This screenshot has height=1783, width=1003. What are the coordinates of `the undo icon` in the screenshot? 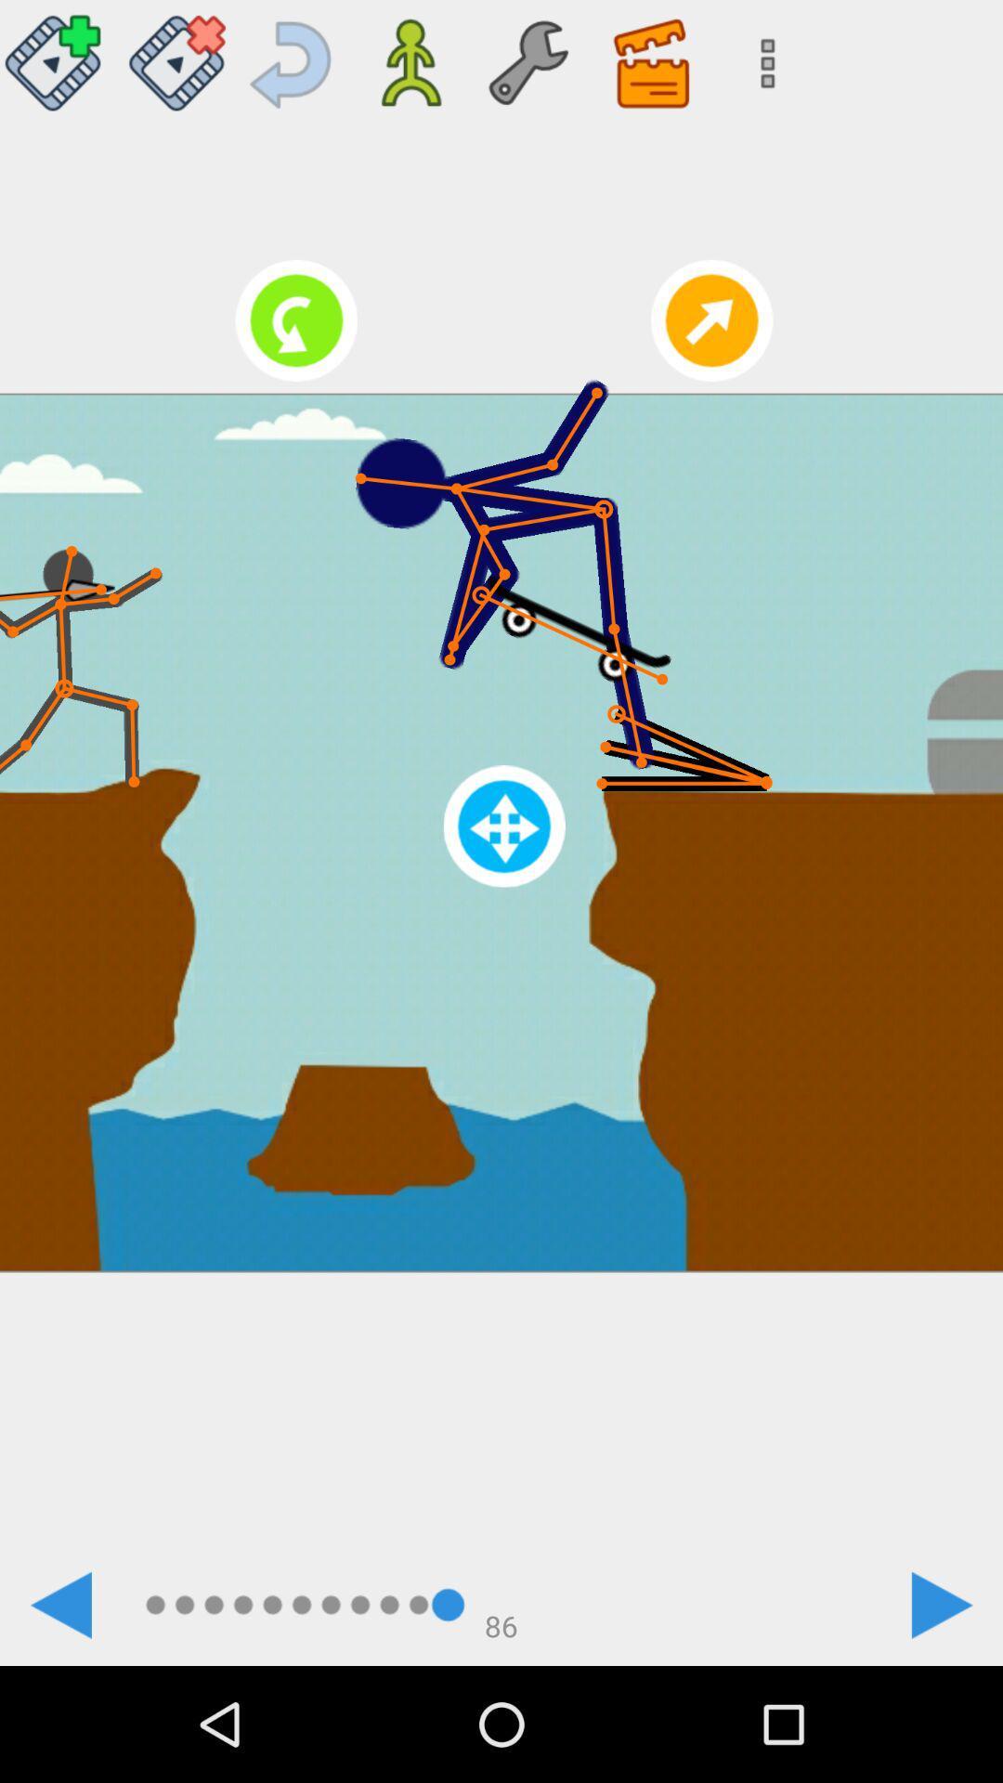 It's located at (293, 56).